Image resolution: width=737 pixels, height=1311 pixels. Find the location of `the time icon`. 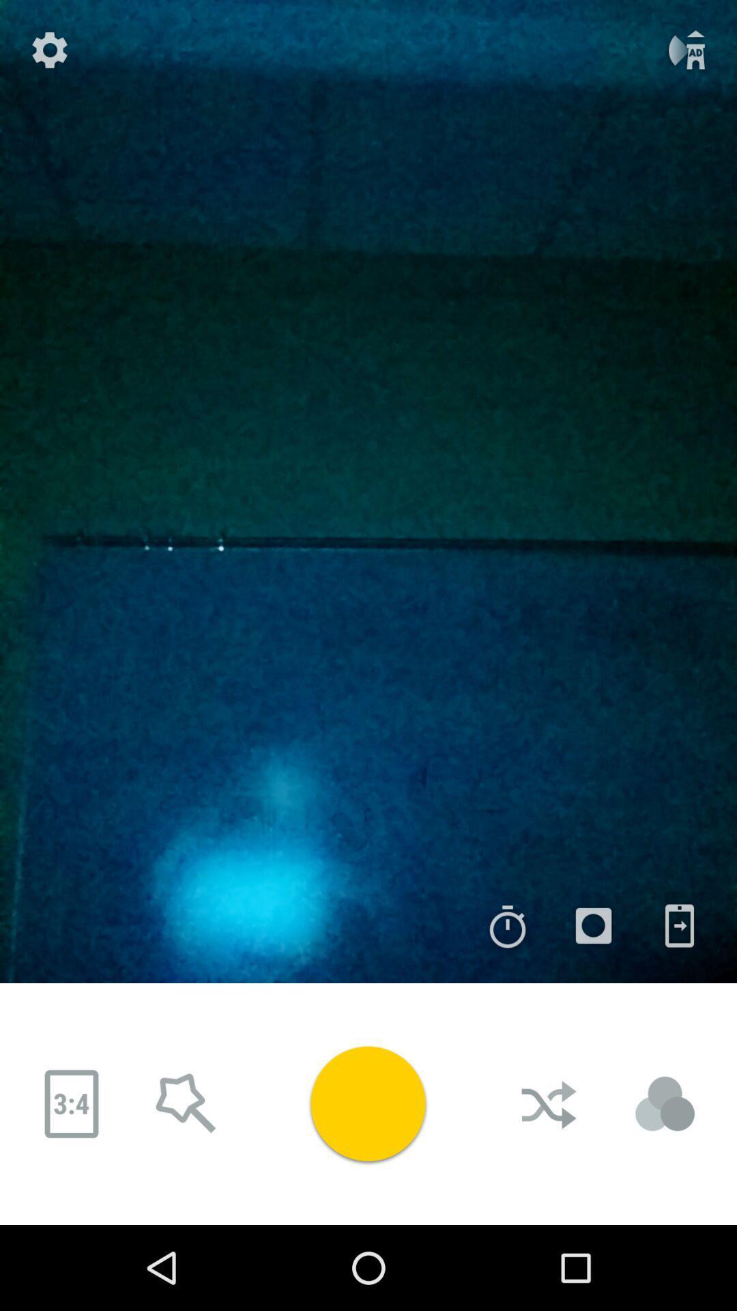

the time icon is located at coordinates (493, 926).